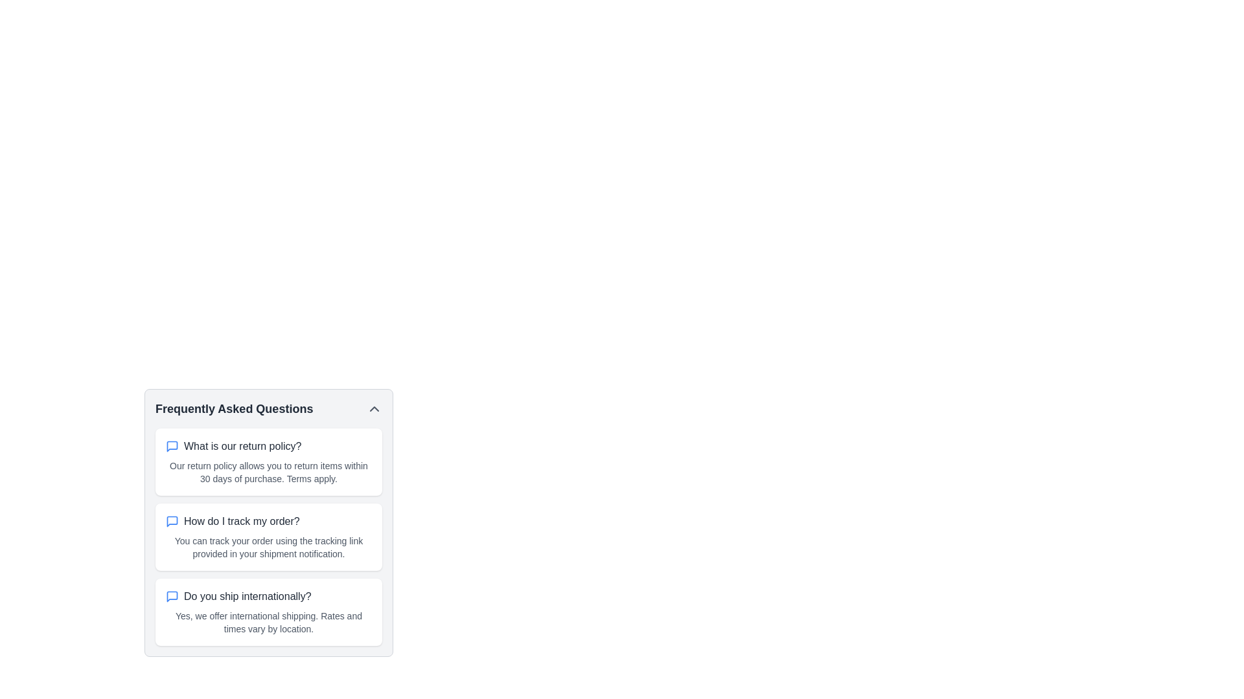 The image size is (1244, 699). Describe the element at coordinates (248, 596) in the screenshot. I see `the text element reading 'Do you ship internationally?' which is styled with a medium font weight and dark gray color, located in the third entry of the FAQ section` at that location.